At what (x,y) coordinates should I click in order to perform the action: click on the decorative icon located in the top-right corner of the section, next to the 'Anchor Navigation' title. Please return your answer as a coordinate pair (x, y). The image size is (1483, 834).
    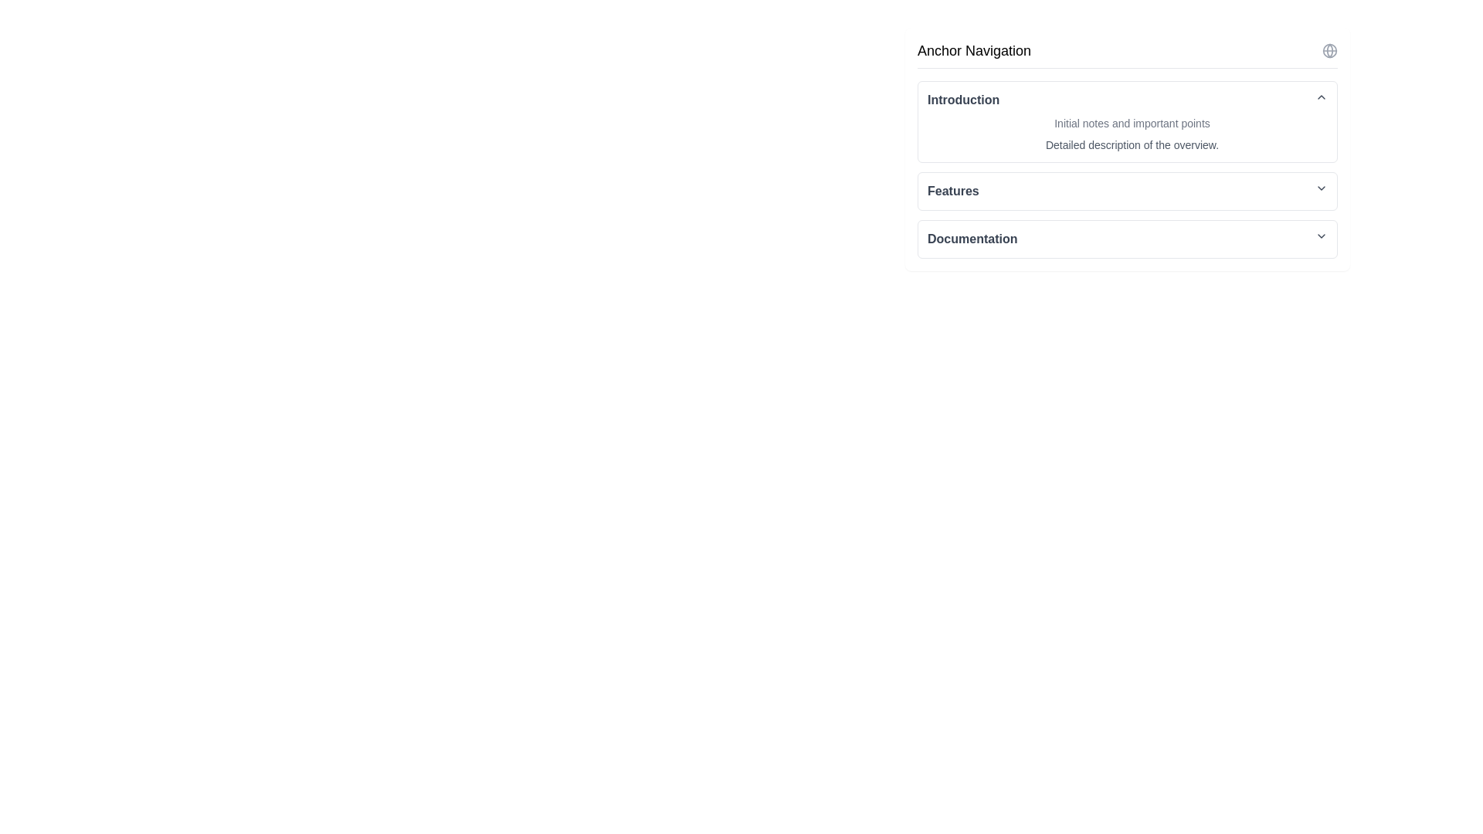
    Looking at the image, I should click on (1329, 49).